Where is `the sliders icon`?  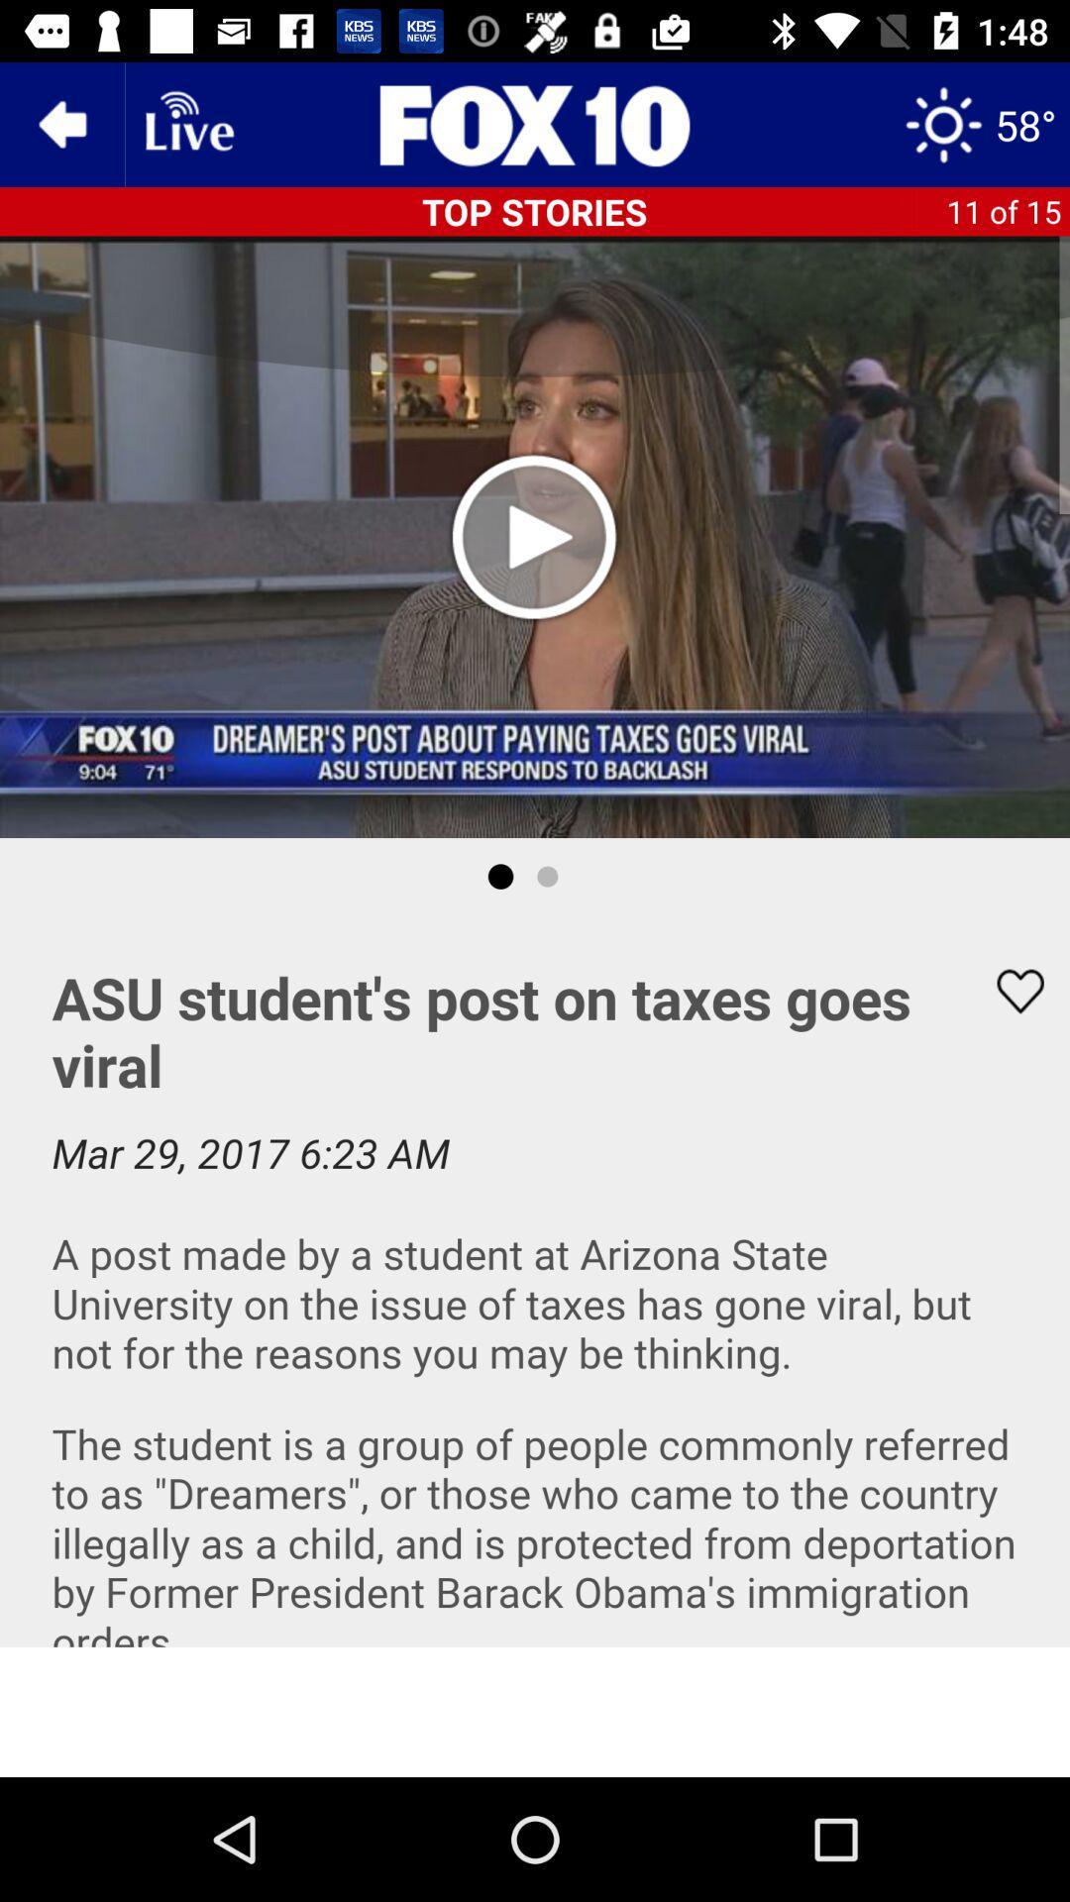 the sliders icon is located at coordinates (535, 123).